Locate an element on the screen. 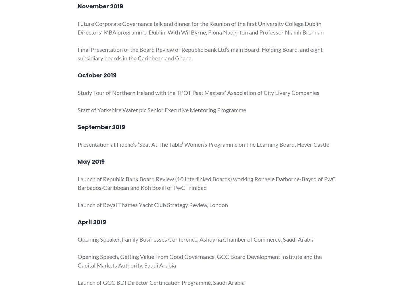  'May 2019' is located at coordinates (91, 162).